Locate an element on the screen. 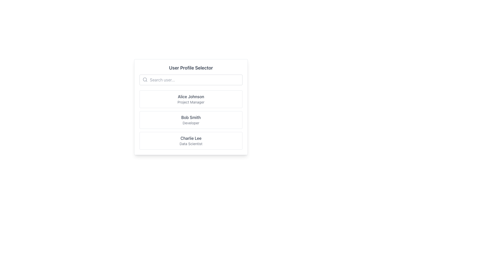  the List Item displaying 'Bob Smith' and 'Developer' is located at coordinates (191, 120).